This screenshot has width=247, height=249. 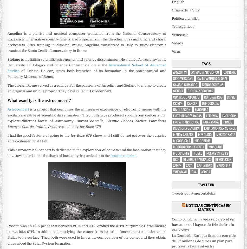 What do you see at coordinates (181, 230) in the screenshot?
I see `'21/02/2020'` at bounding box center [181, 230].